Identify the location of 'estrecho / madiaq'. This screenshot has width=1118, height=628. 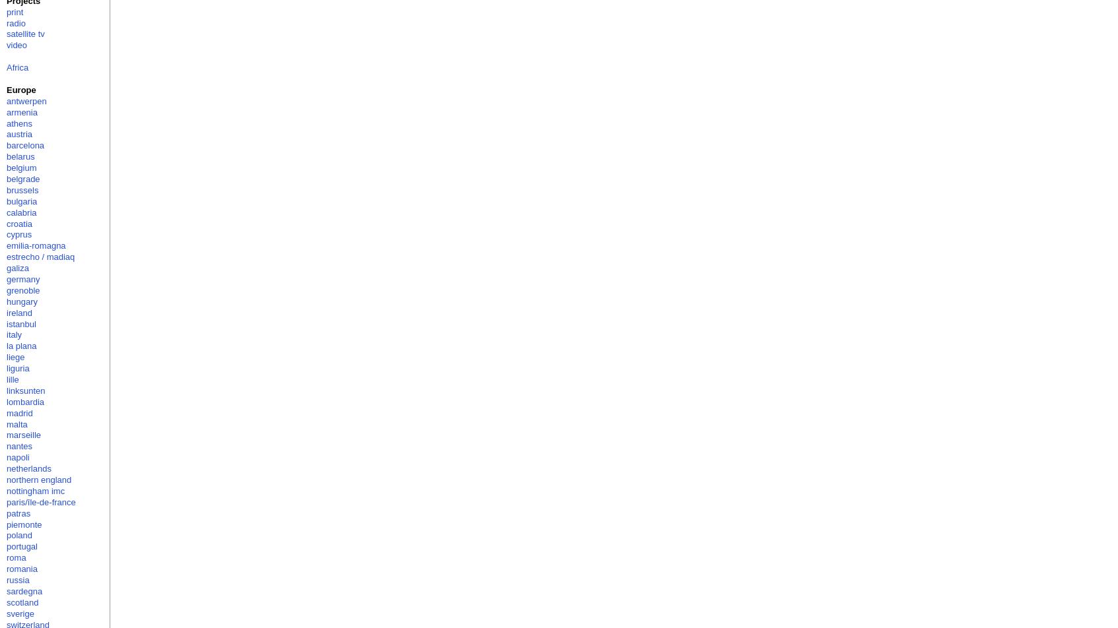
(5, 257).